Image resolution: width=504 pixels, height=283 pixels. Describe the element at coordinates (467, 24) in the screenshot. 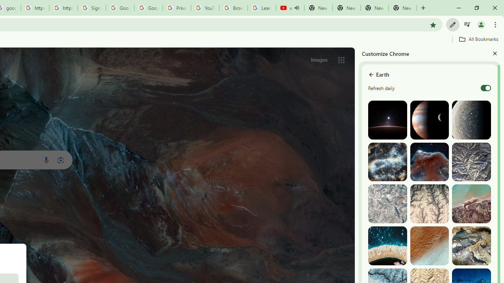

I see `'Control your music, videos, and more'` at that location.